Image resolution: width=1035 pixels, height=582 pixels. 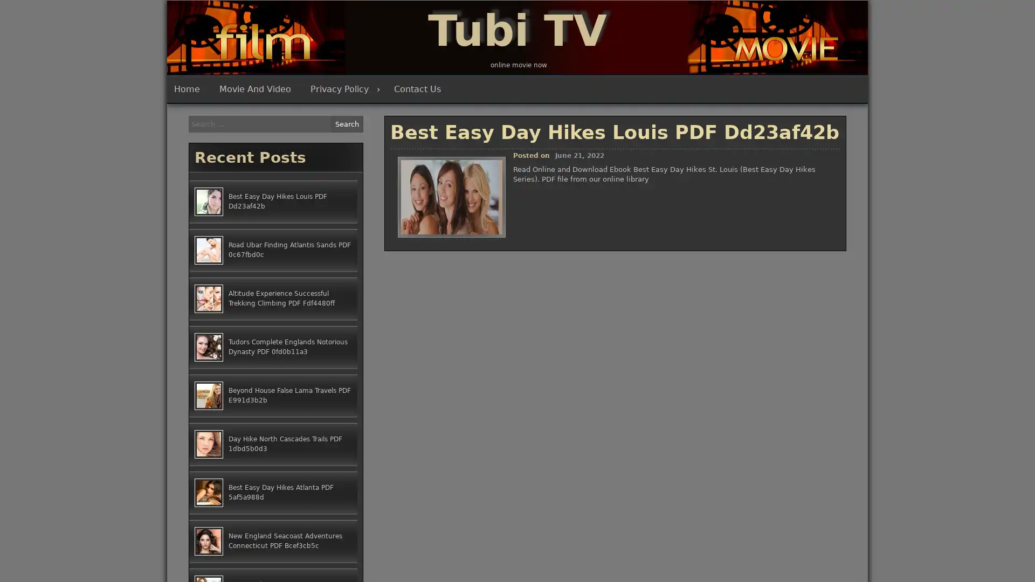 What do you see at coordinates (347, 123) in the screenshot?
I see `Search` at bounding box center [347, 123].